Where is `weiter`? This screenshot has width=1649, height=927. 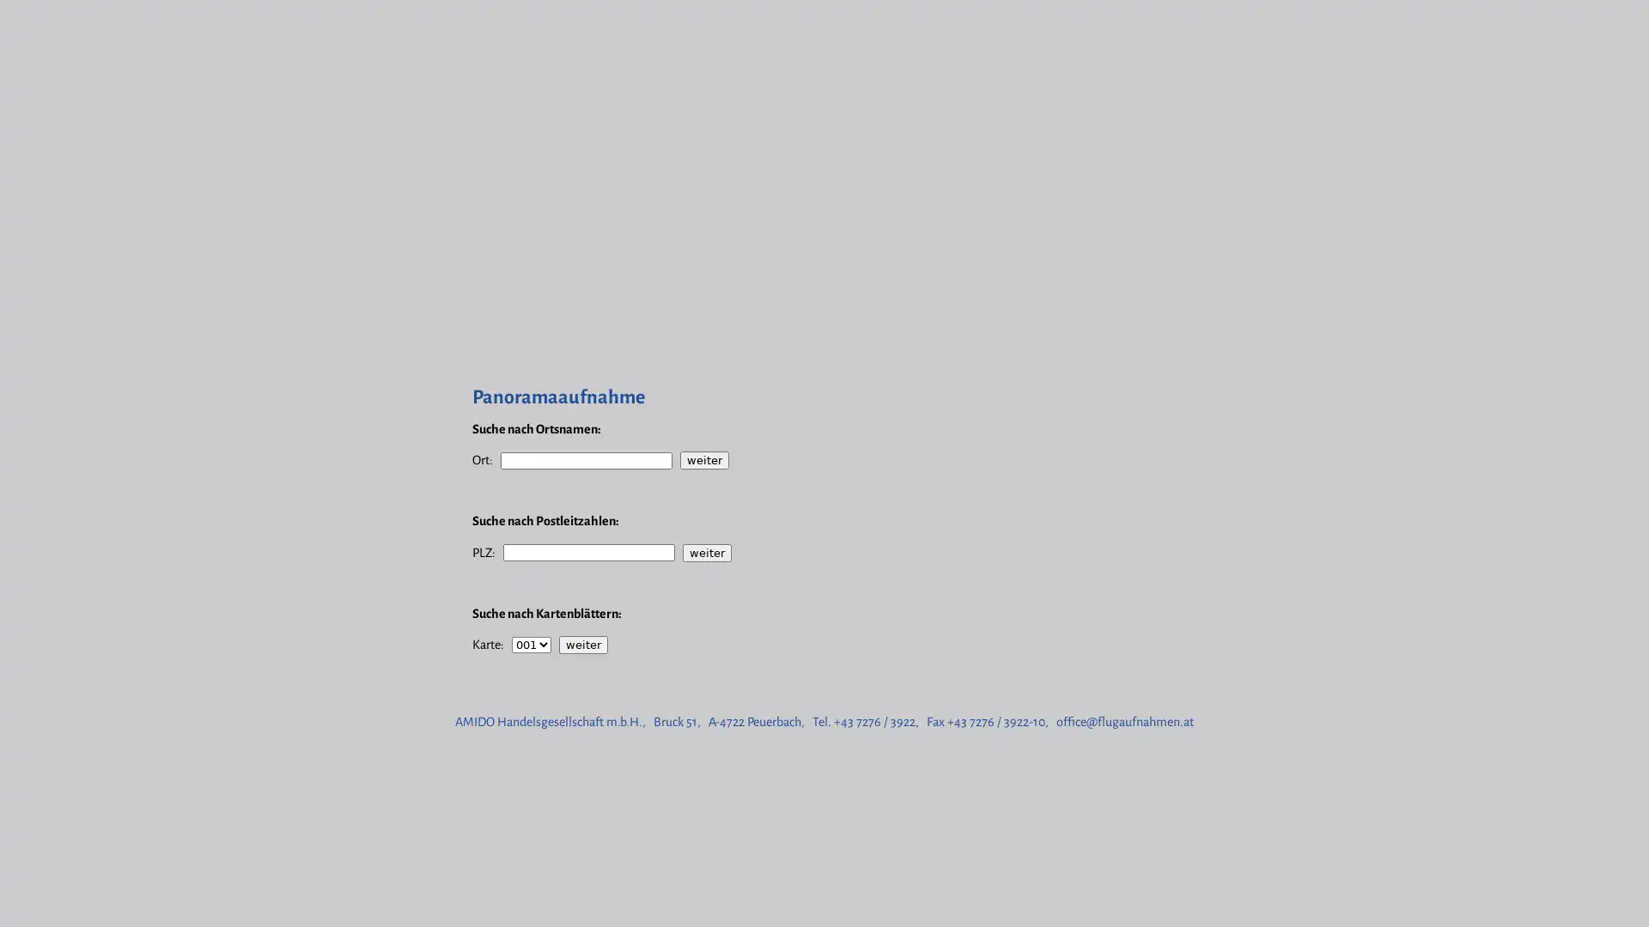 weiter is located at coordinates (707, 552).